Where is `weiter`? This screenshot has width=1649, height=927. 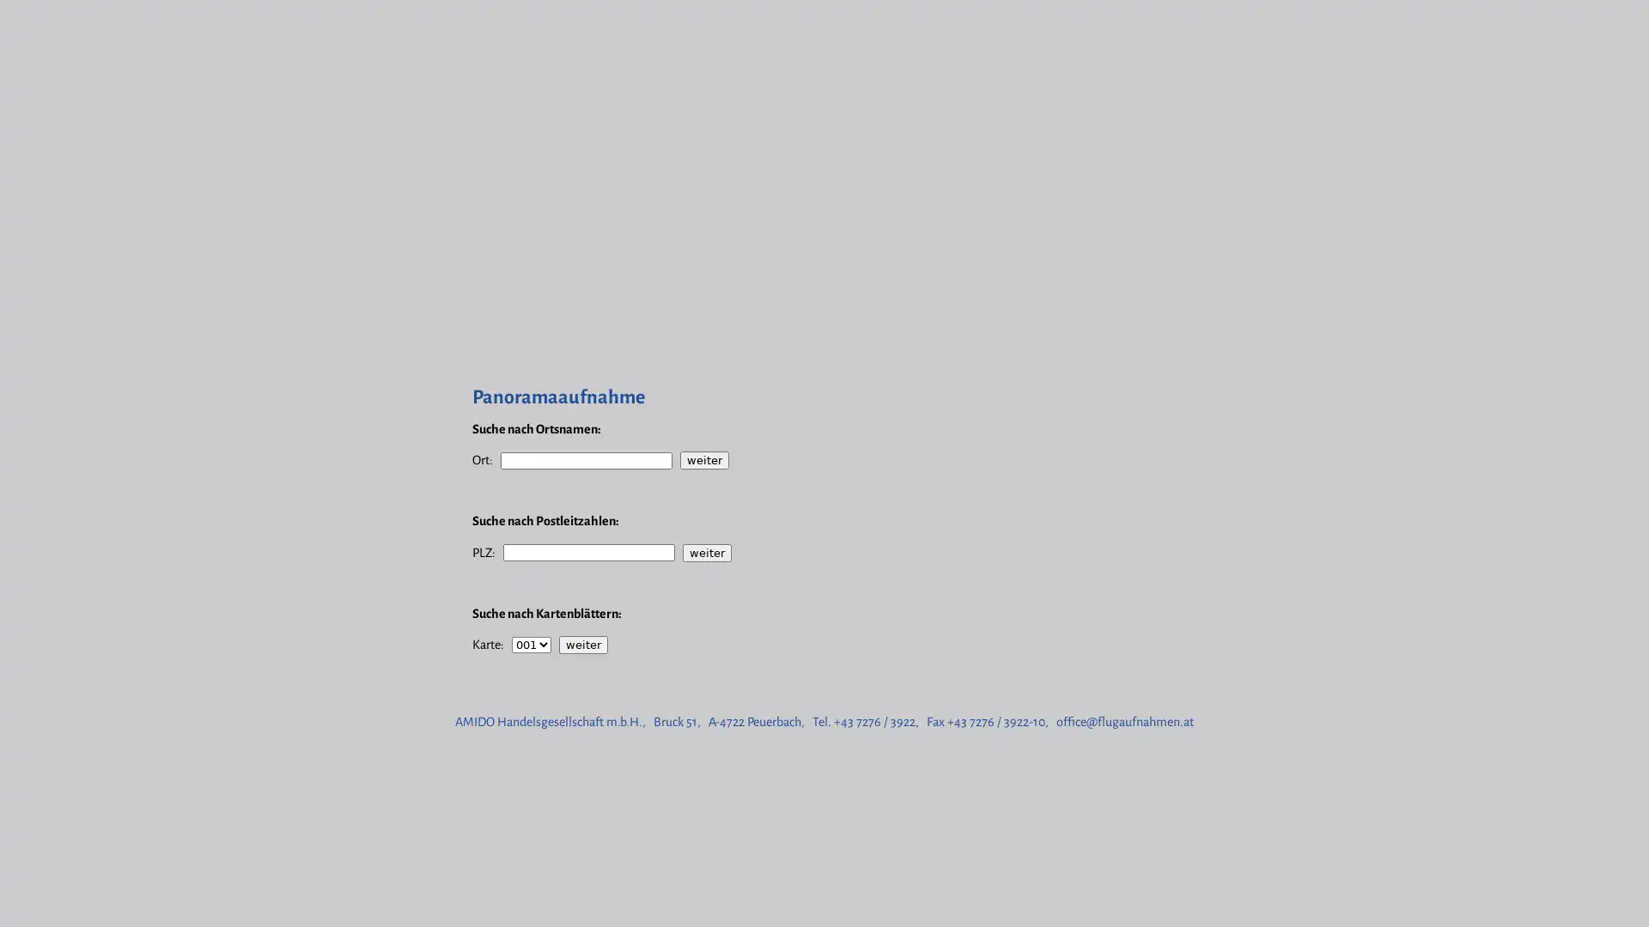 weiter is located at coordinates (707, 552).